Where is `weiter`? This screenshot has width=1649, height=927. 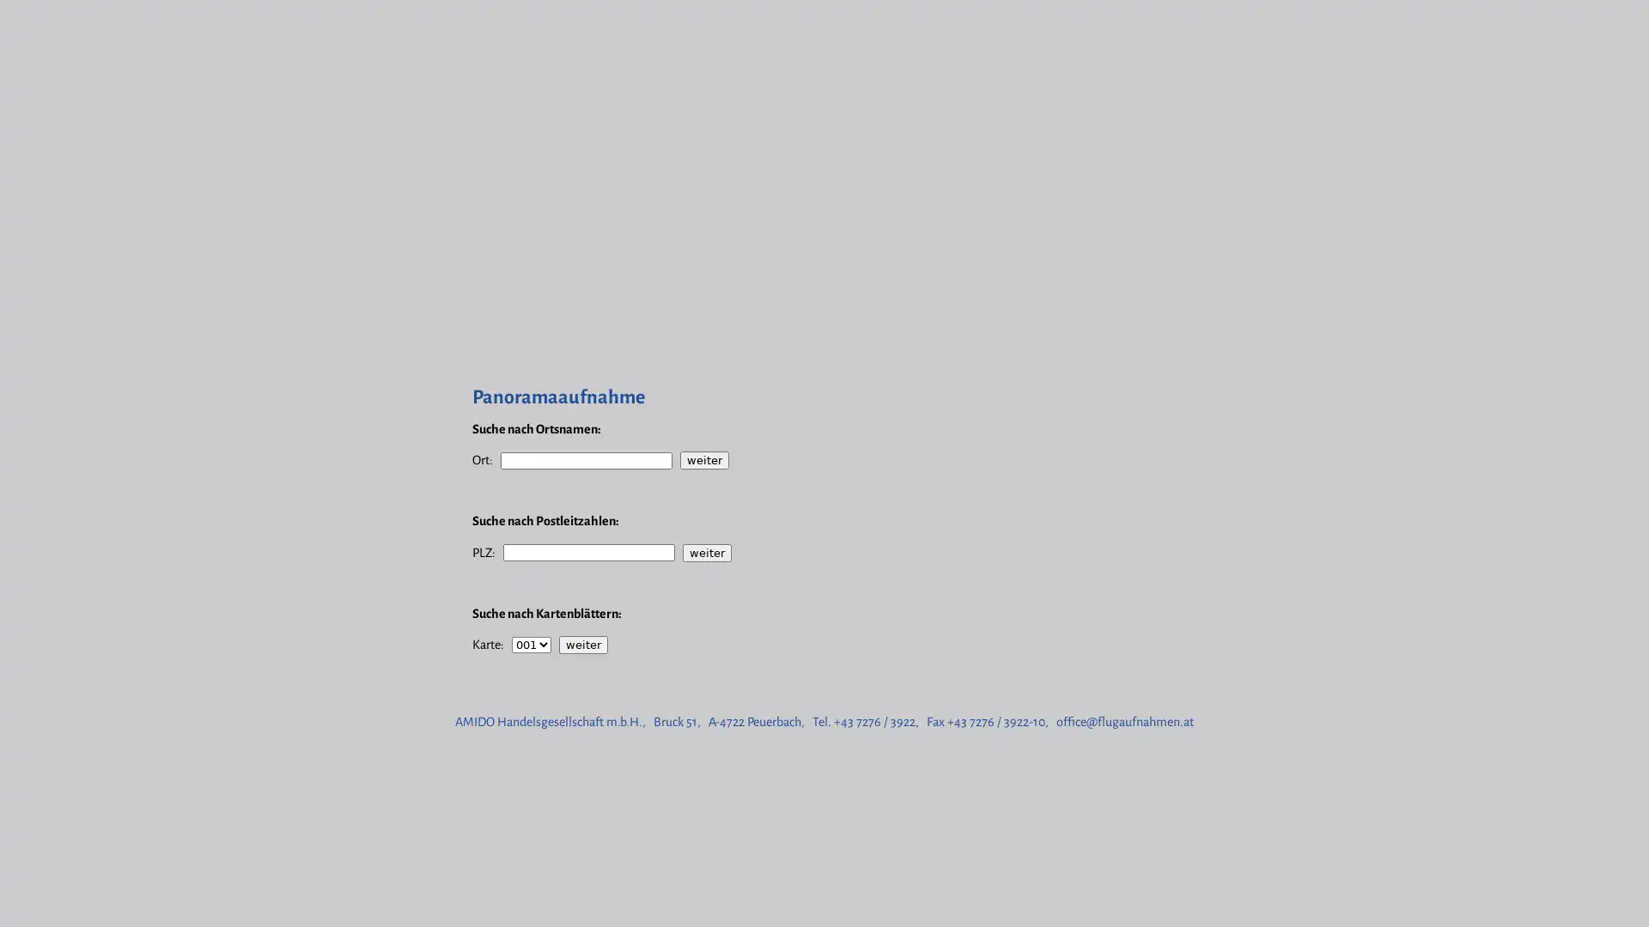 weiter is located at coordinates (707, 552).